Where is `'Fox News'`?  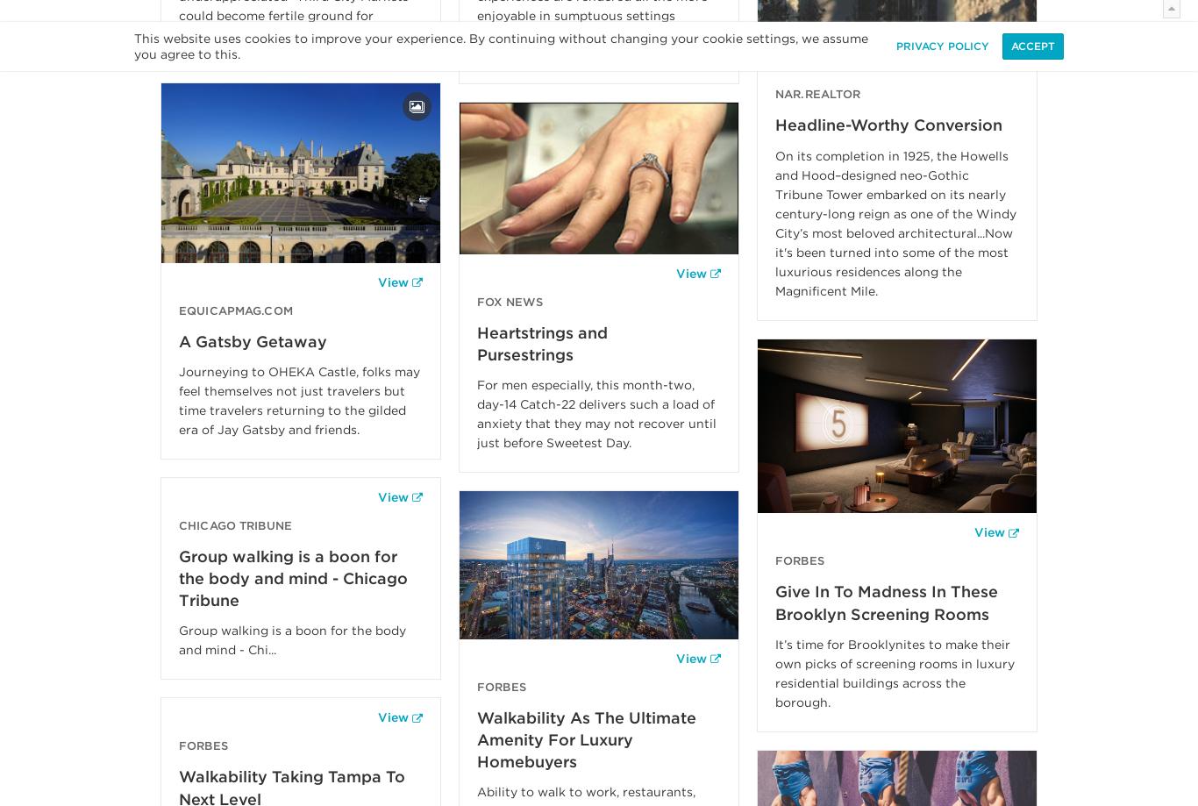
'Fox News' is located at coordinates (509, 300).